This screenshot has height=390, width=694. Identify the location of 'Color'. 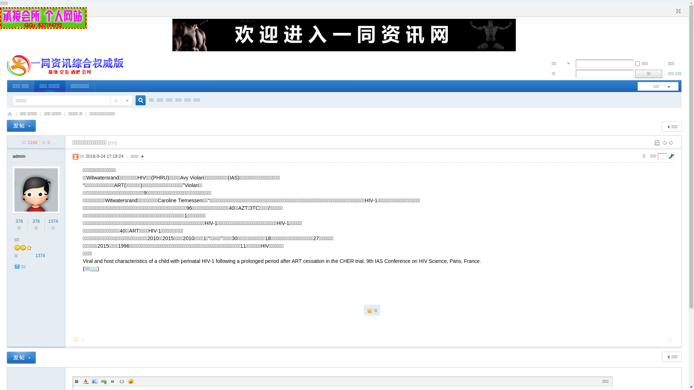
(85, 381).